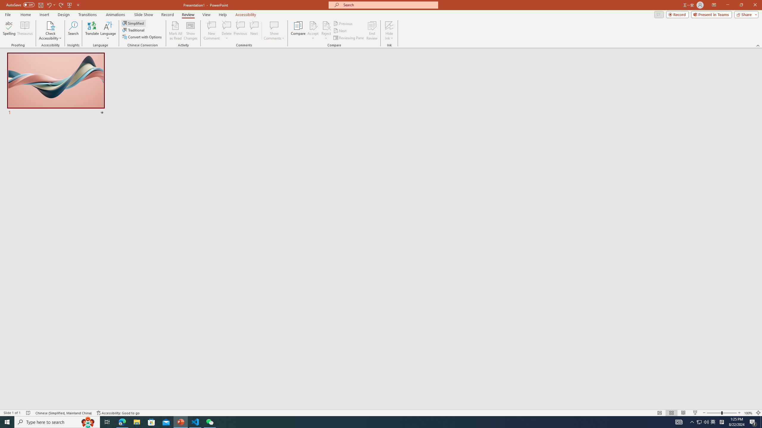 This screenshot has width=762, height=428. I want to click on 'Redo', so click(61, 4).